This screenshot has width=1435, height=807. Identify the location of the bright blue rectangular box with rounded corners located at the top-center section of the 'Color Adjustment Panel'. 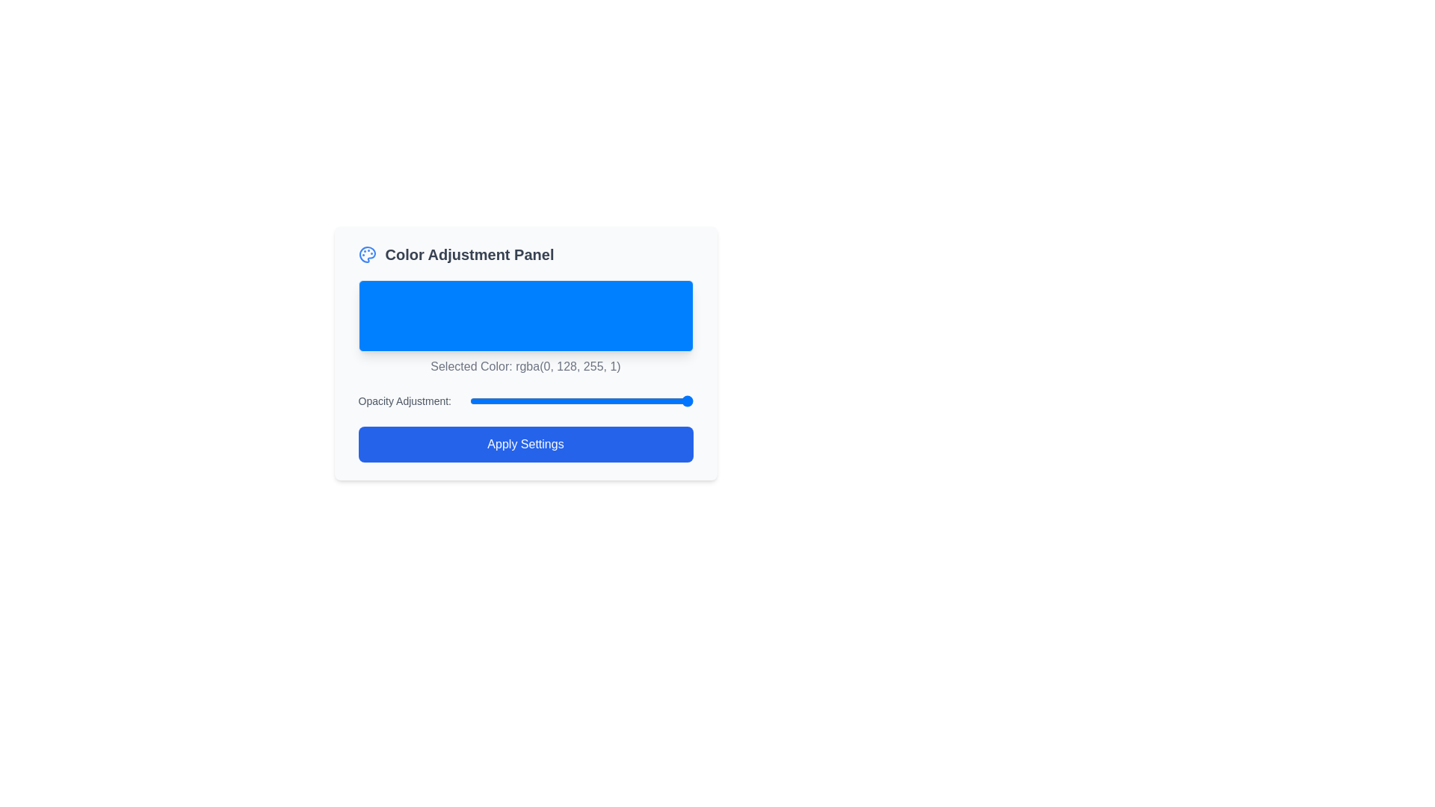
(525, 315).